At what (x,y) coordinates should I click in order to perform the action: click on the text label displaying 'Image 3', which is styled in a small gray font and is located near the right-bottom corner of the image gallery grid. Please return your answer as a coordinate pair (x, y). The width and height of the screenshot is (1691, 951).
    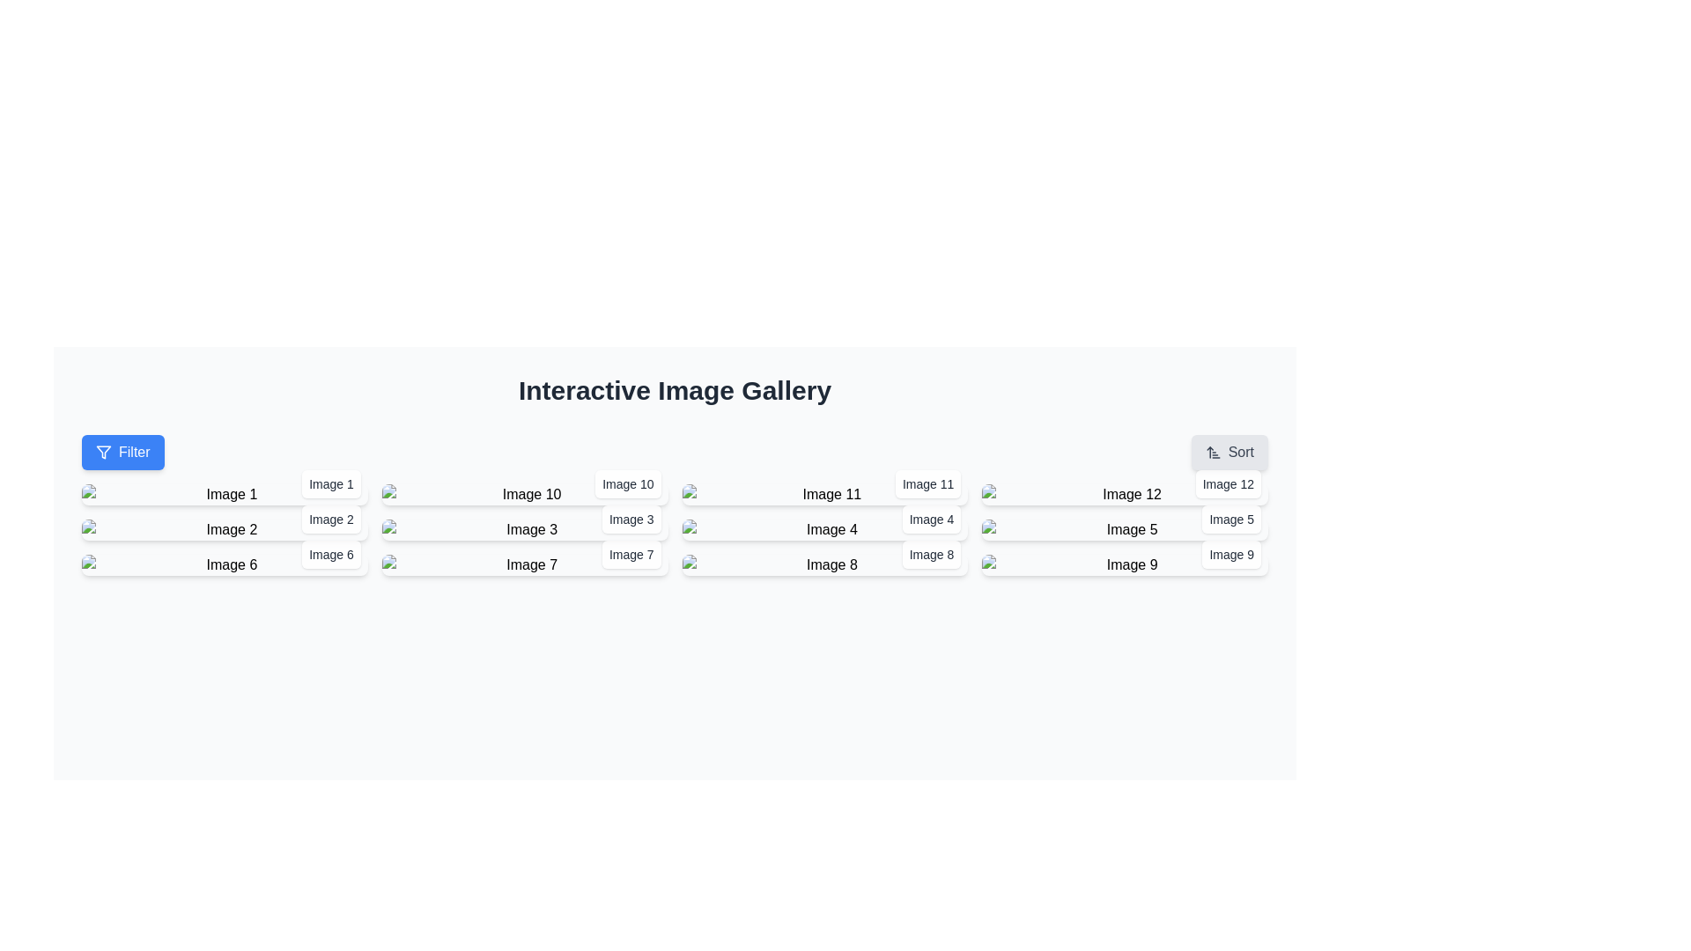
    Looking at the image, I should click on (631, 519).